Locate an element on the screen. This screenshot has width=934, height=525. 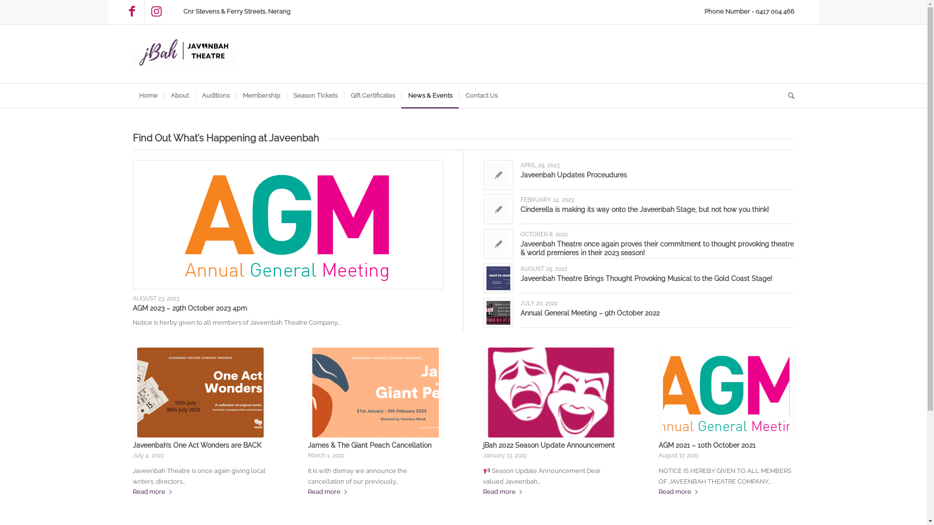
'Season Tickets' is located at coordinates (315, 95).